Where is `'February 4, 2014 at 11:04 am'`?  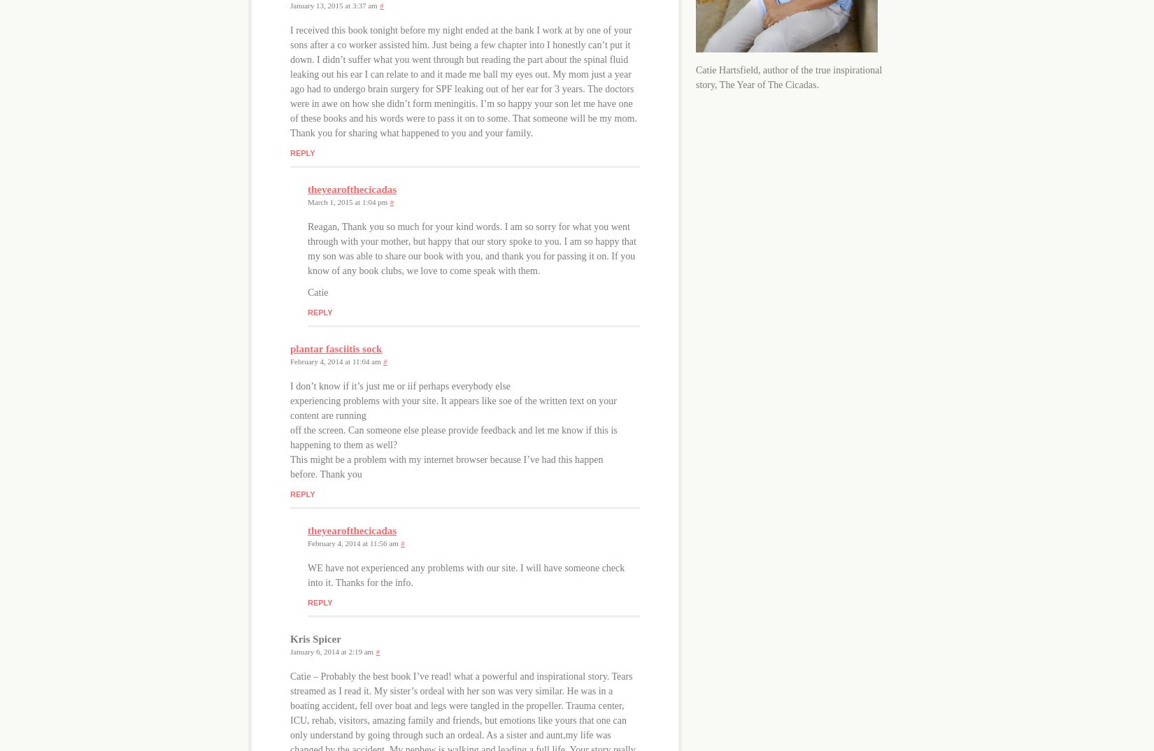
'February 4, 2014 at 11:04 am' is located at coordinates (334, 360).